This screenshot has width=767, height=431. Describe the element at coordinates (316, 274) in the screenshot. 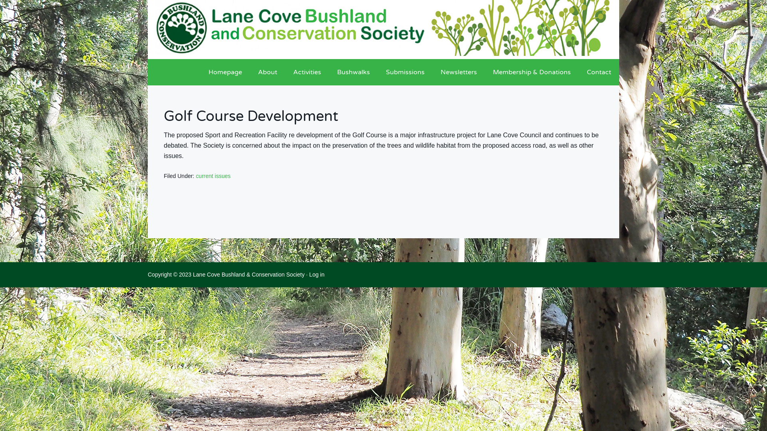

I see `'Log in'` at that location.